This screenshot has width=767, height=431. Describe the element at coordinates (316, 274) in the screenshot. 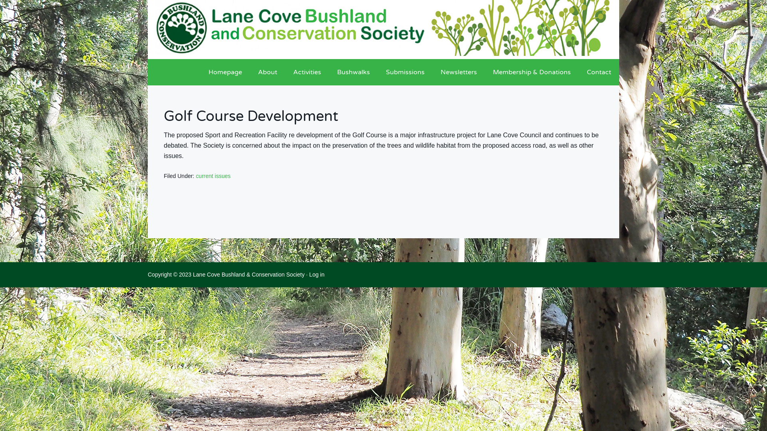

I see `'Log in'` at that location.